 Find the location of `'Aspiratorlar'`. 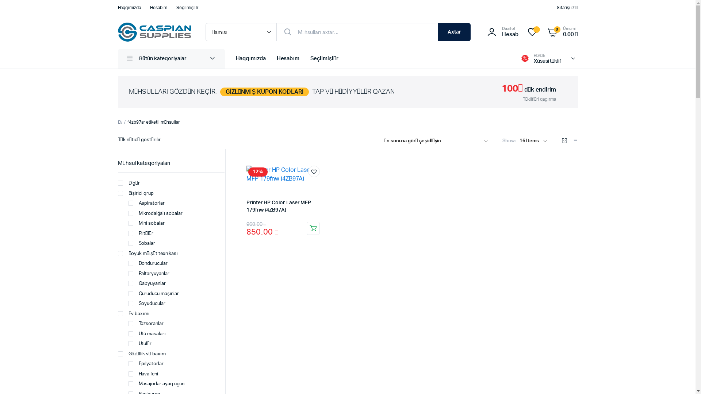

'Aspiratorlar' is located at coordinates (146, 204).